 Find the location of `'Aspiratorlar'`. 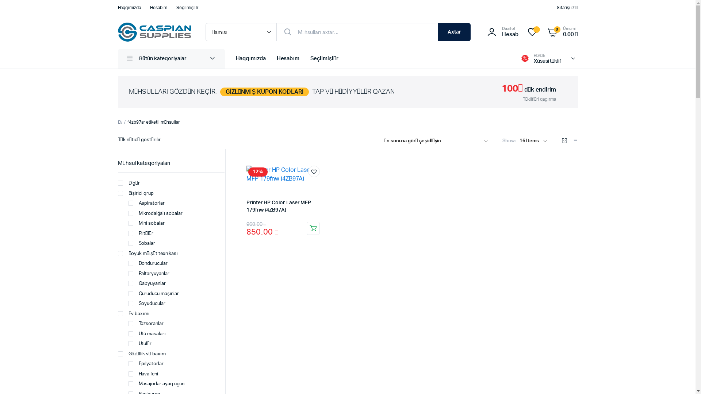

'Aspiratorlar' is located at coordinates (146, 204).